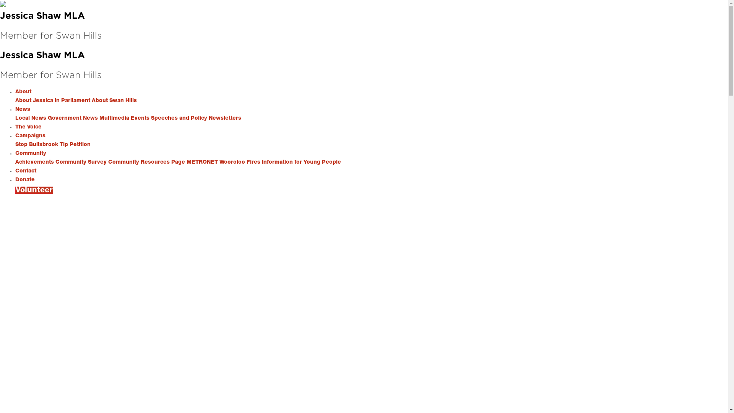  Describe the element at coordinates (151, 118) in the screenshot. I see `'Speeches and Policy'` at that location.